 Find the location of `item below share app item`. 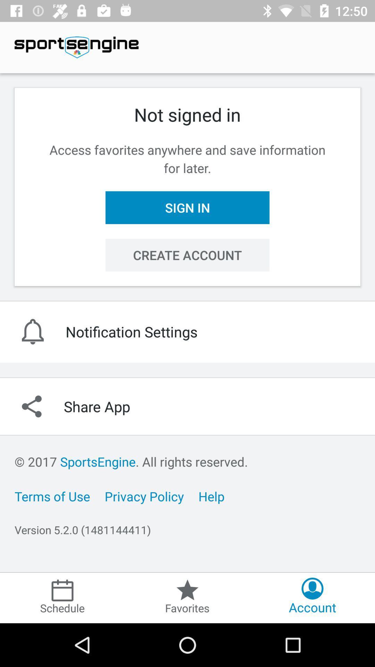

item below share app item is located at coordinates (131, 462).